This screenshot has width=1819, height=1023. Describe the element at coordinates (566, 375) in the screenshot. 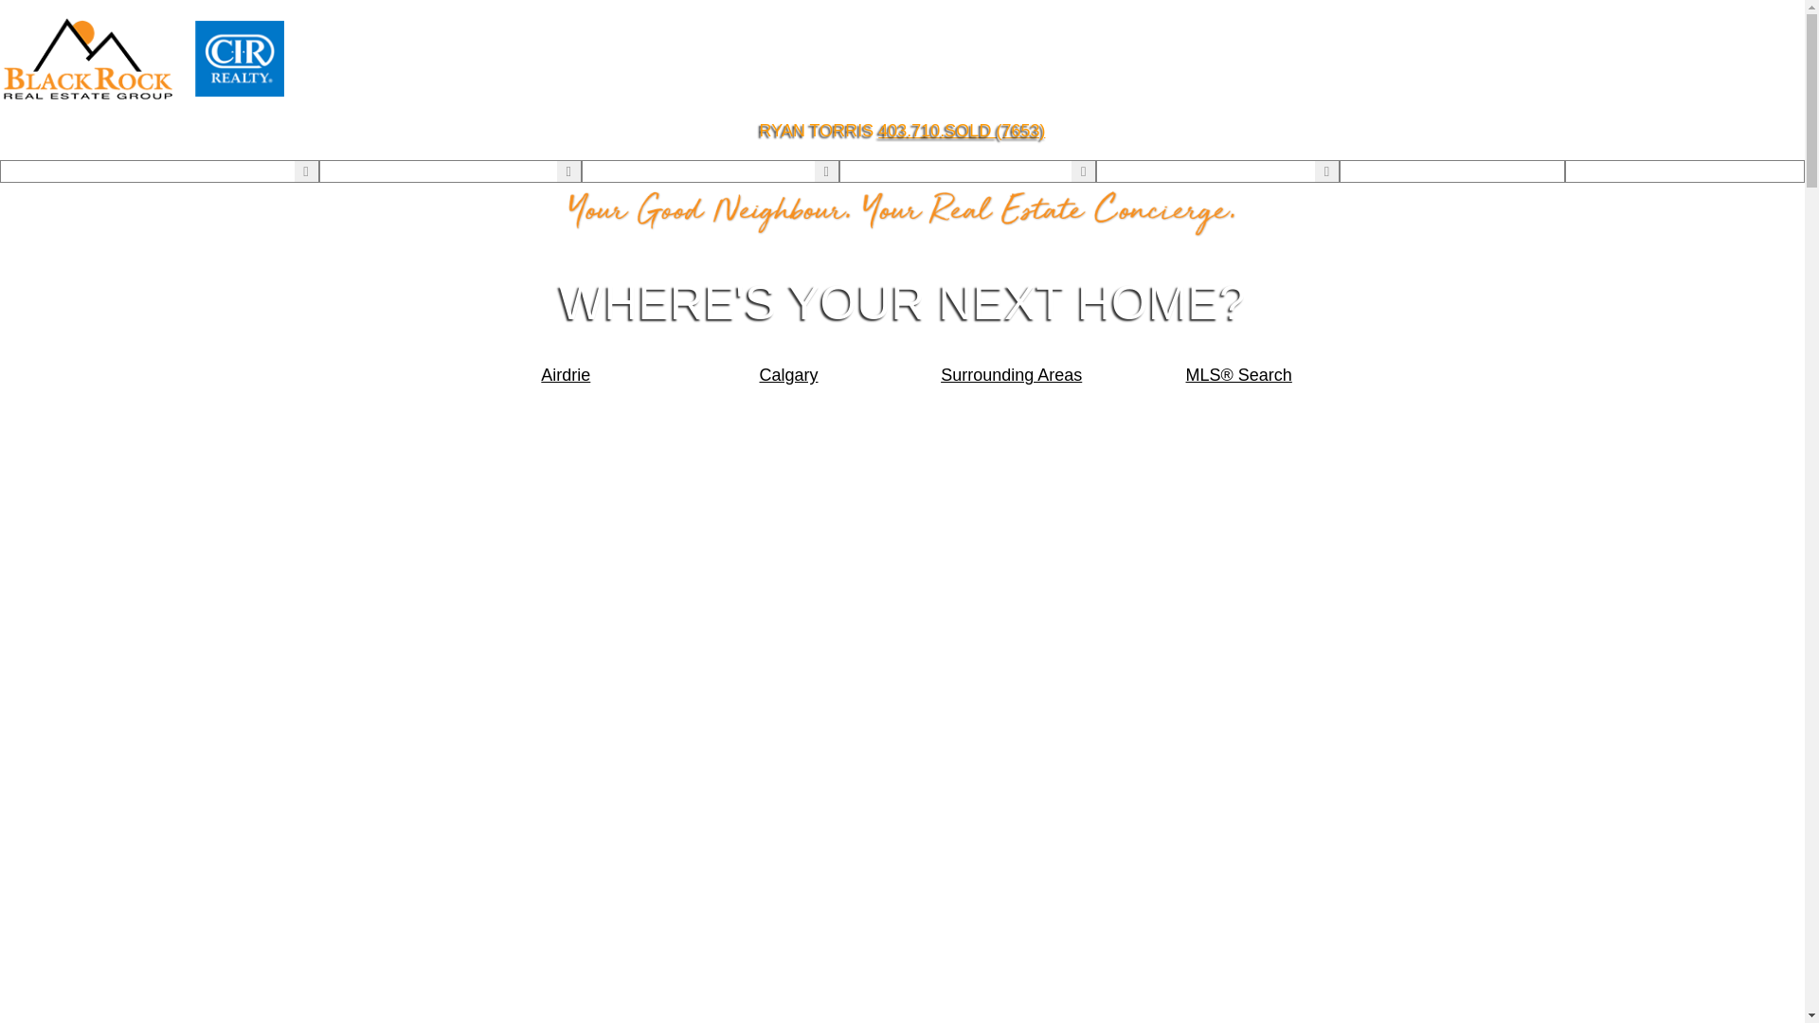

I see `'Airdrie'` at that location.